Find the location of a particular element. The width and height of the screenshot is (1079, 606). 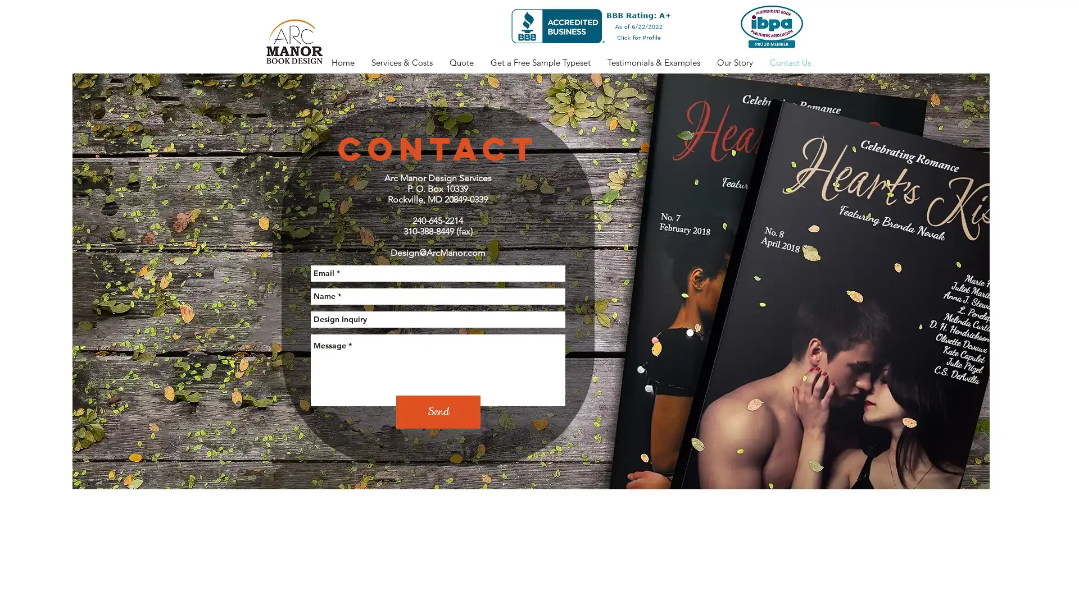

Send is located at coordinates (437, 412).